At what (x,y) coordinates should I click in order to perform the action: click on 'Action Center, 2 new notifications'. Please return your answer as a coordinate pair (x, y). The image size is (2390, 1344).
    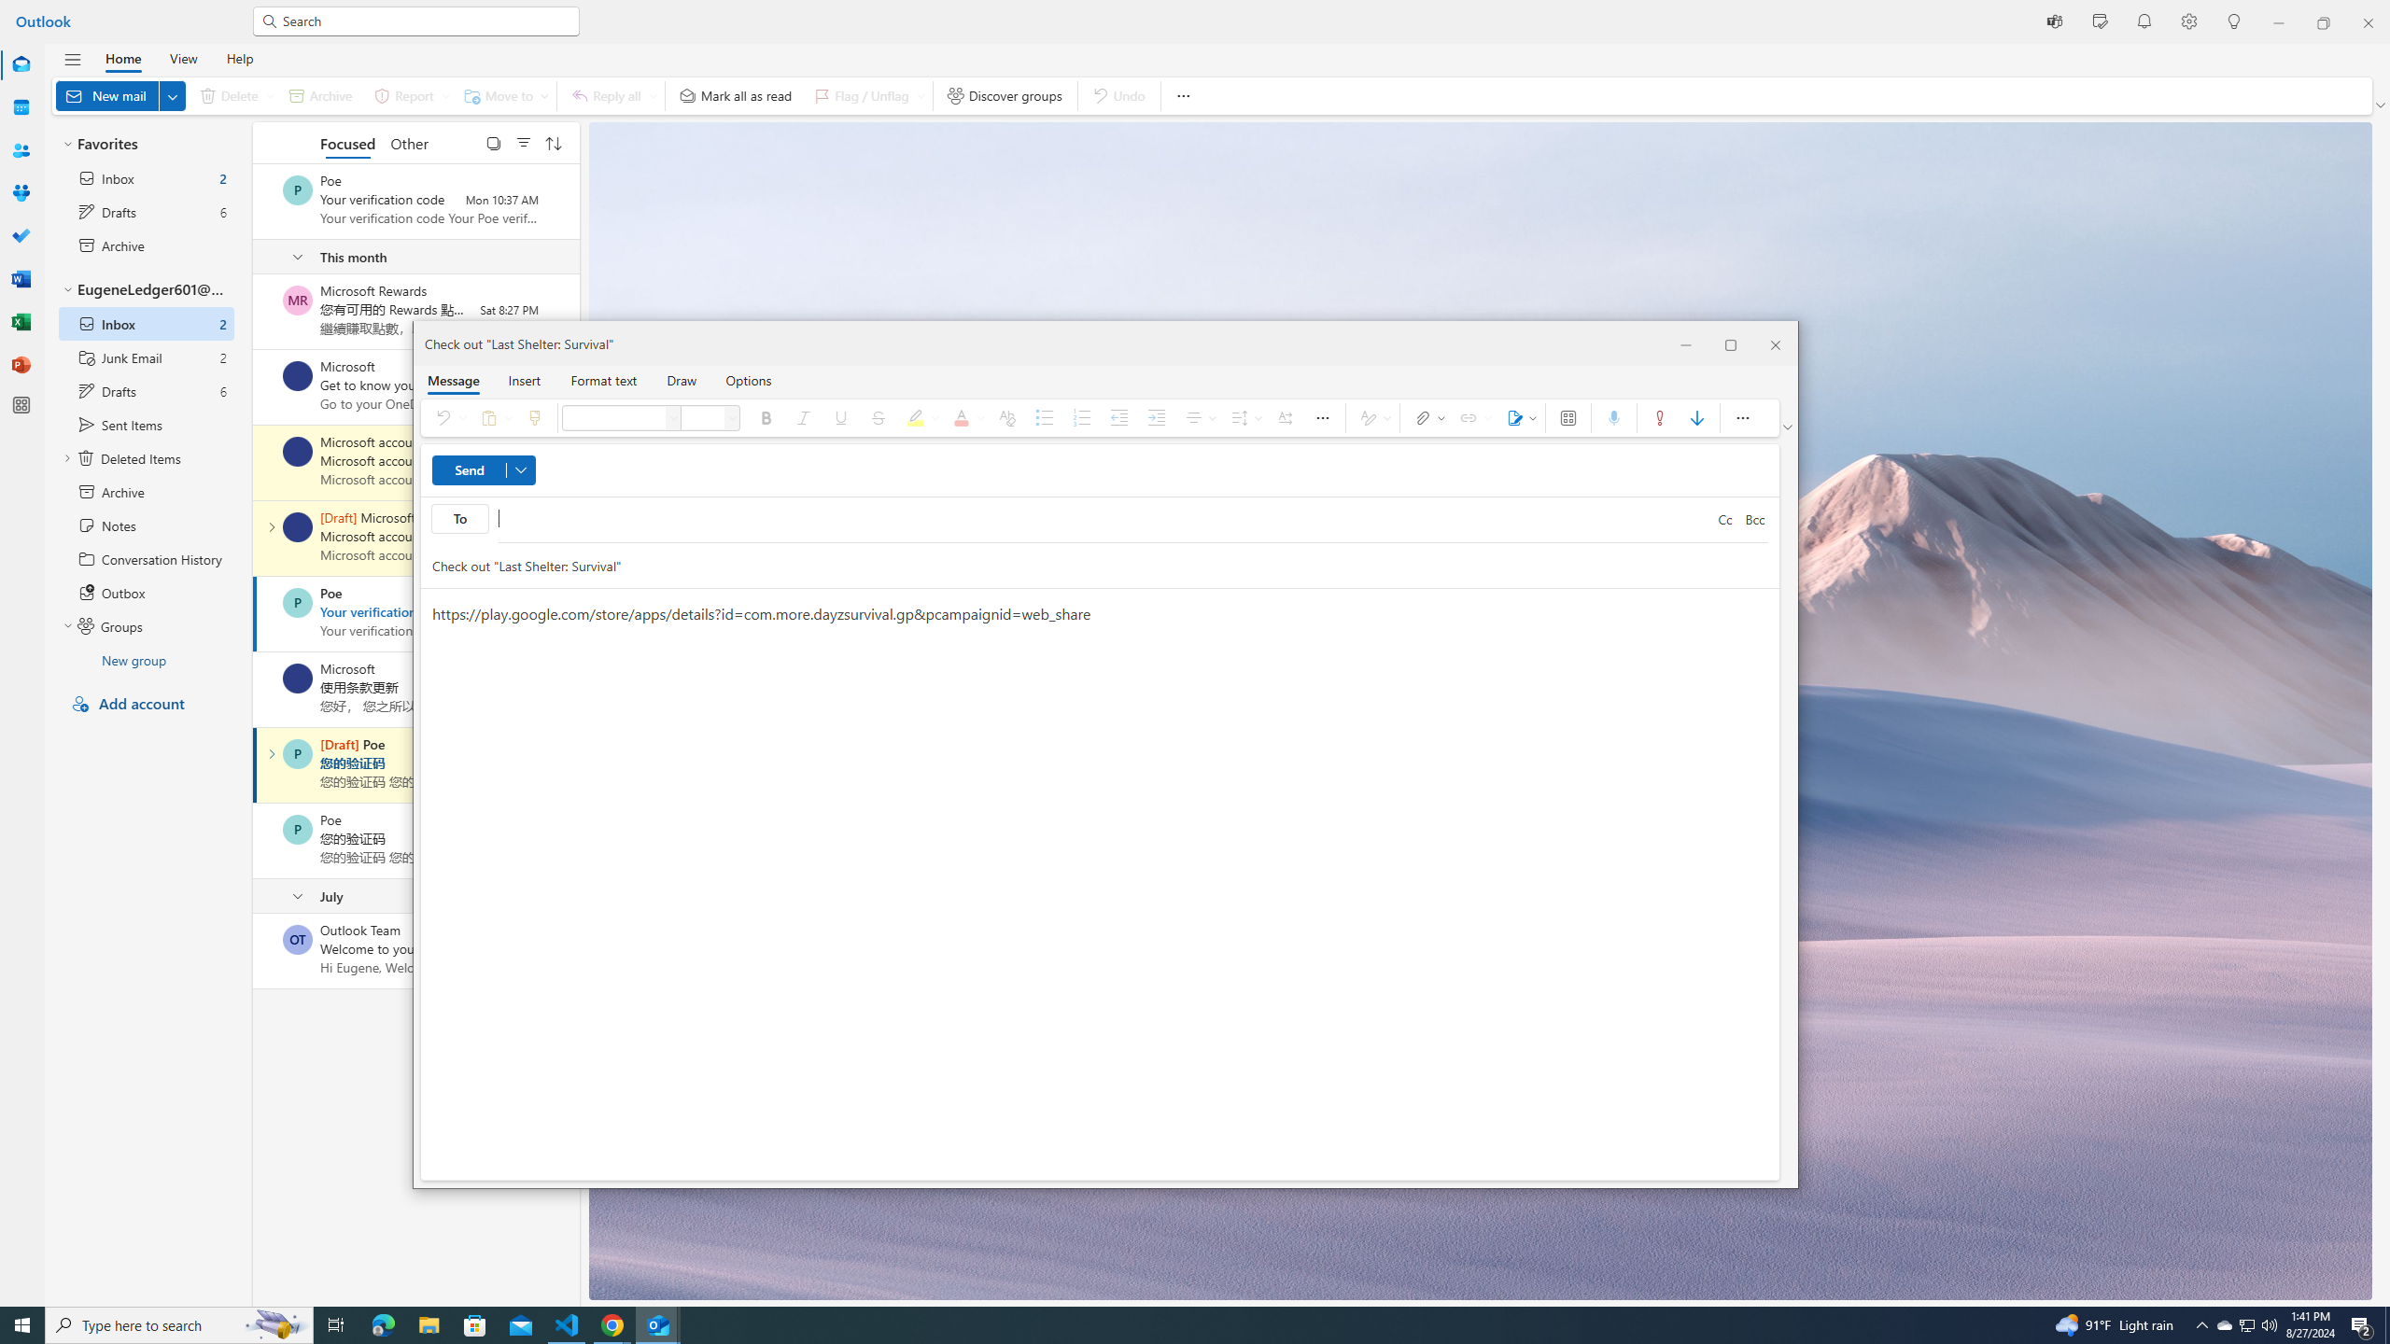
    Looking at the image, I should click on (2362, 1323).